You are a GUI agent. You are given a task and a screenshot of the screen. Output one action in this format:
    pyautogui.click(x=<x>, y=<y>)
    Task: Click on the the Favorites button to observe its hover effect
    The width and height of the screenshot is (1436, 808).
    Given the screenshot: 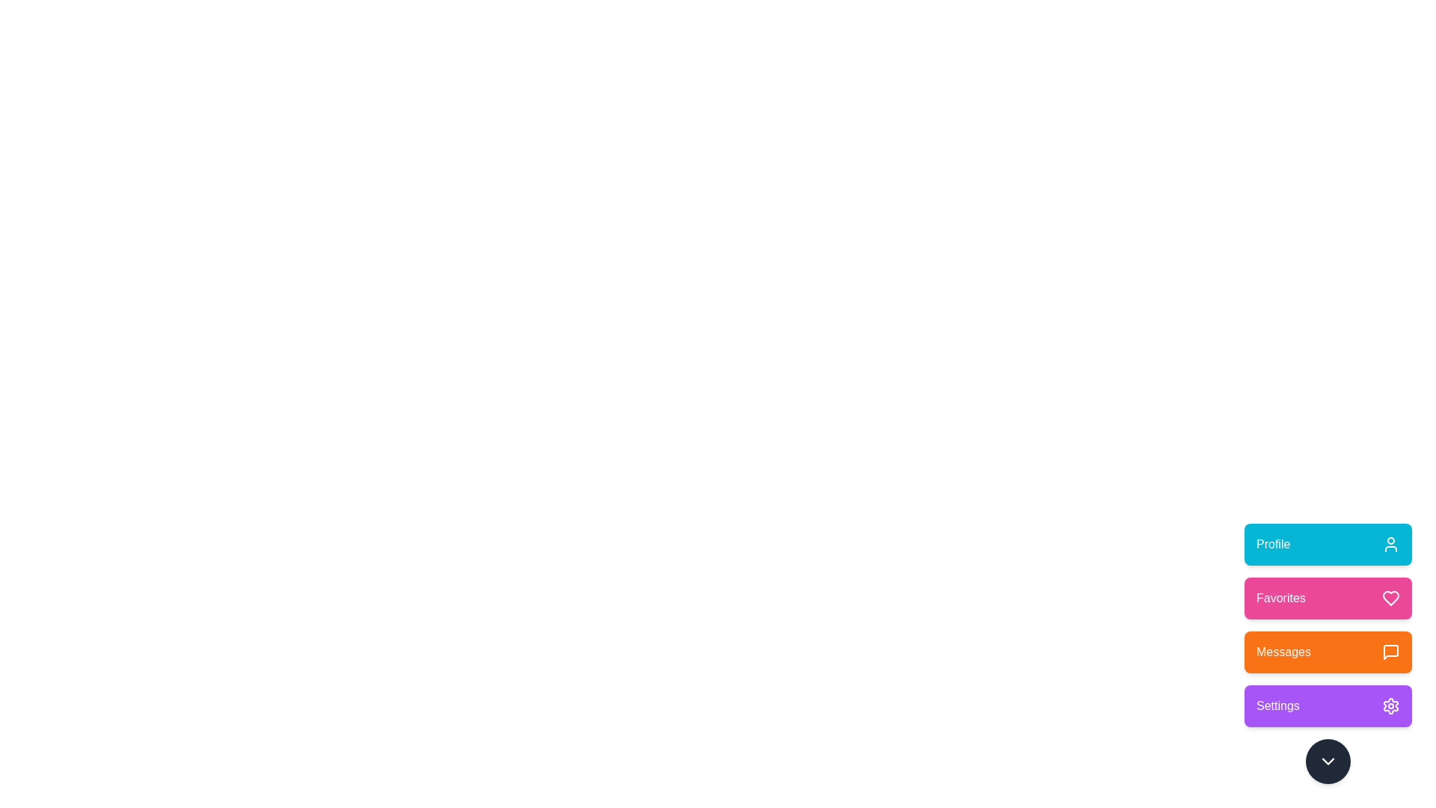 What is the action you would take?
    pyautogui.click(x=1328, y=597)
    